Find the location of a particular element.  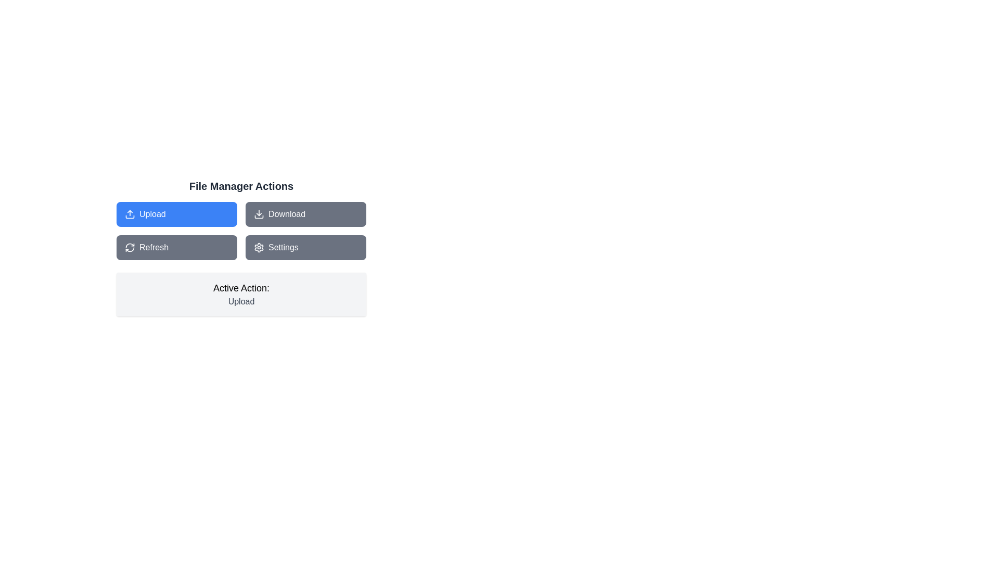

the settings button located in the bottom-right cell of the grid layout is located at coordinates (305, 247).